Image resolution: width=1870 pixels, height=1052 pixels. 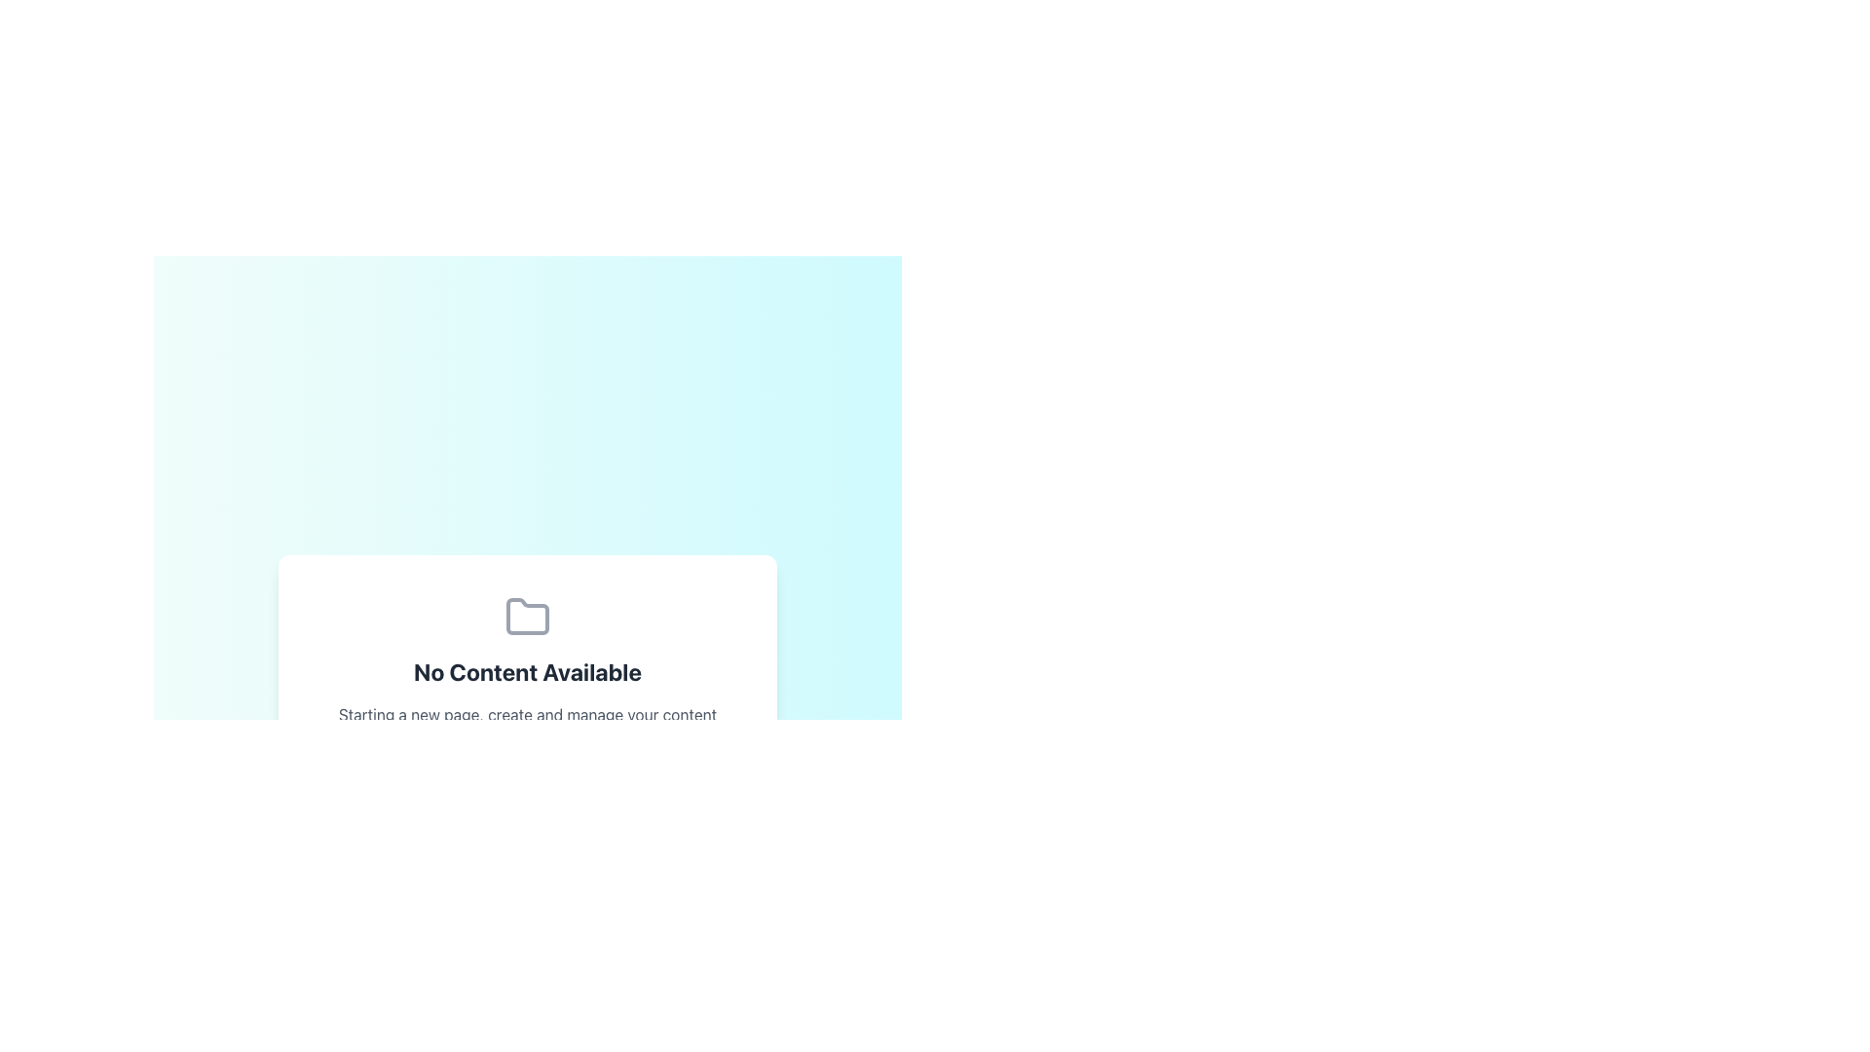 What do you see at coordinates (528, 616) in the screenshot?
I see `the folder icon, which is a gray vector graphic located above the text 'No Content Available' in the center region of a dialog card` at bounding box center [528, 616].